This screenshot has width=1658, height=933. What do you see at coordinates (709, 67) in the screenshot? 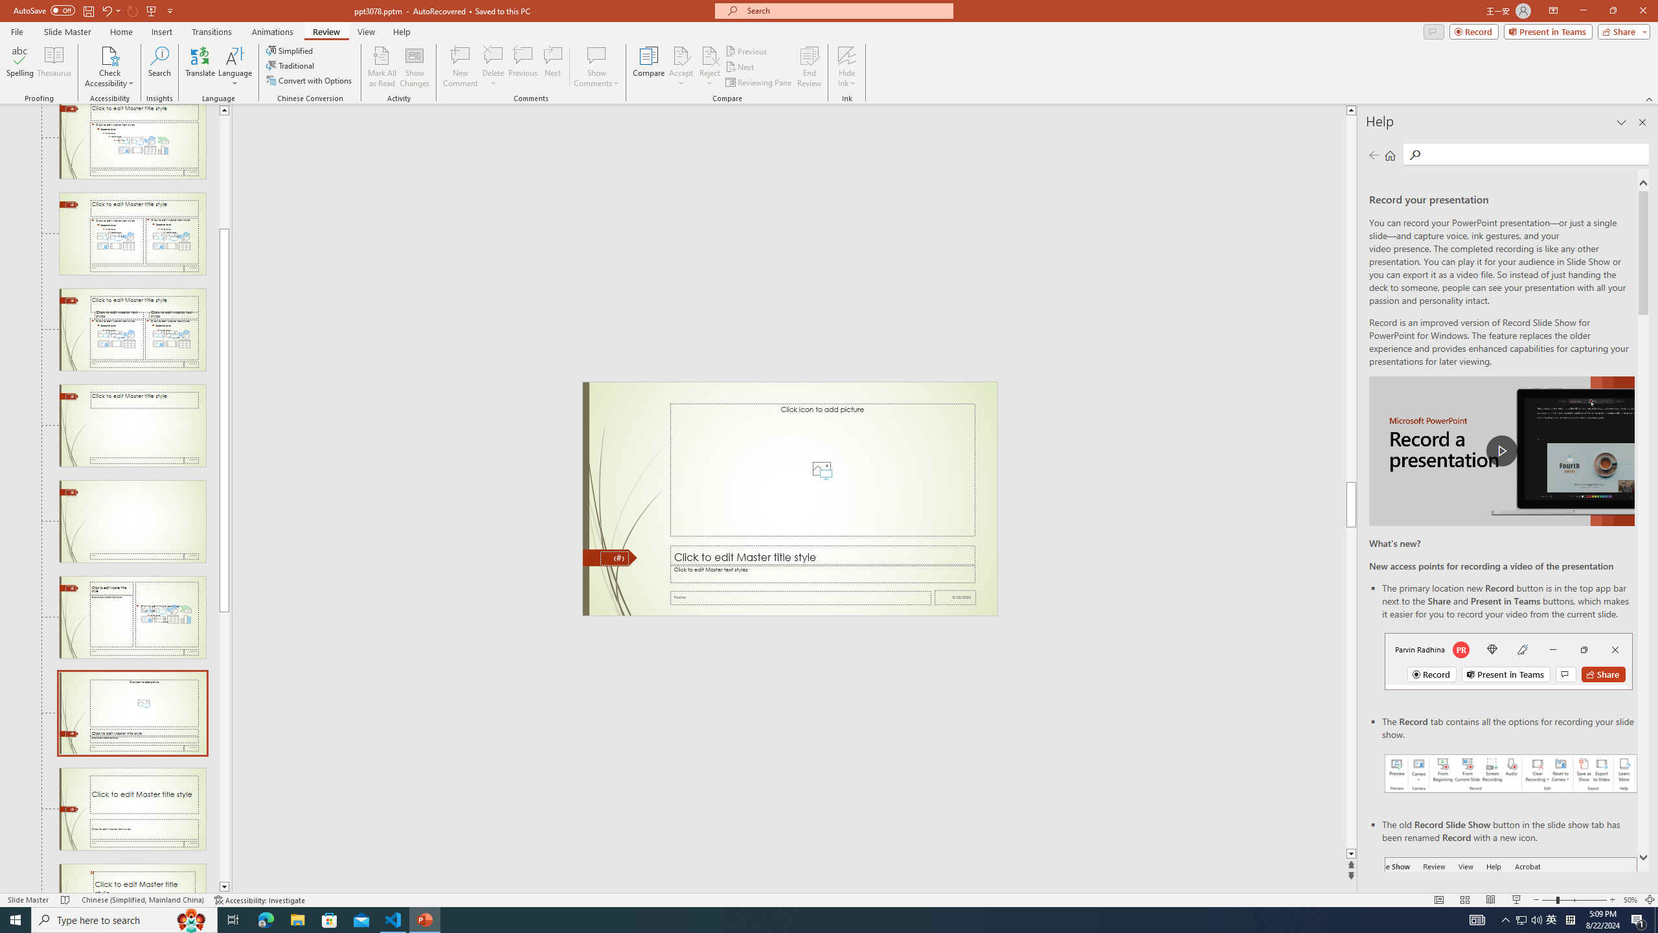
I see `'Reject'` at bounding box center [709, 67].